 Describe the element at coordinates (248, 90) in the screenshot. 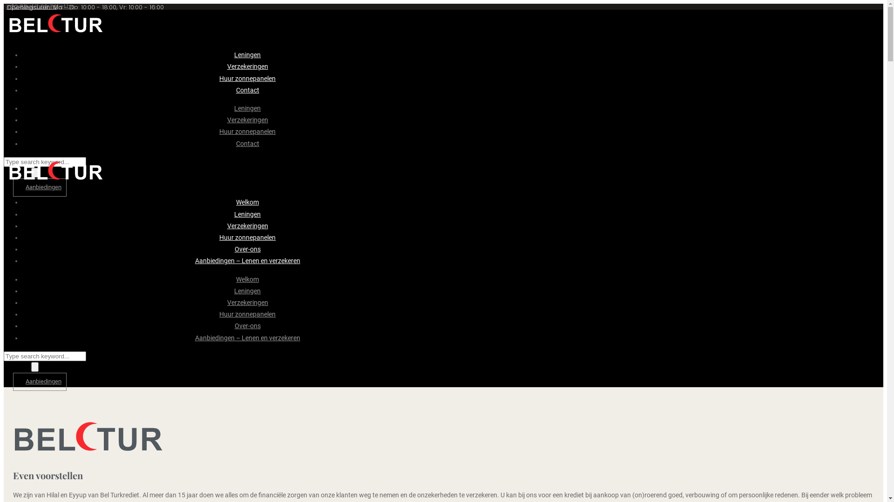

I see `'Contact'` at that location.